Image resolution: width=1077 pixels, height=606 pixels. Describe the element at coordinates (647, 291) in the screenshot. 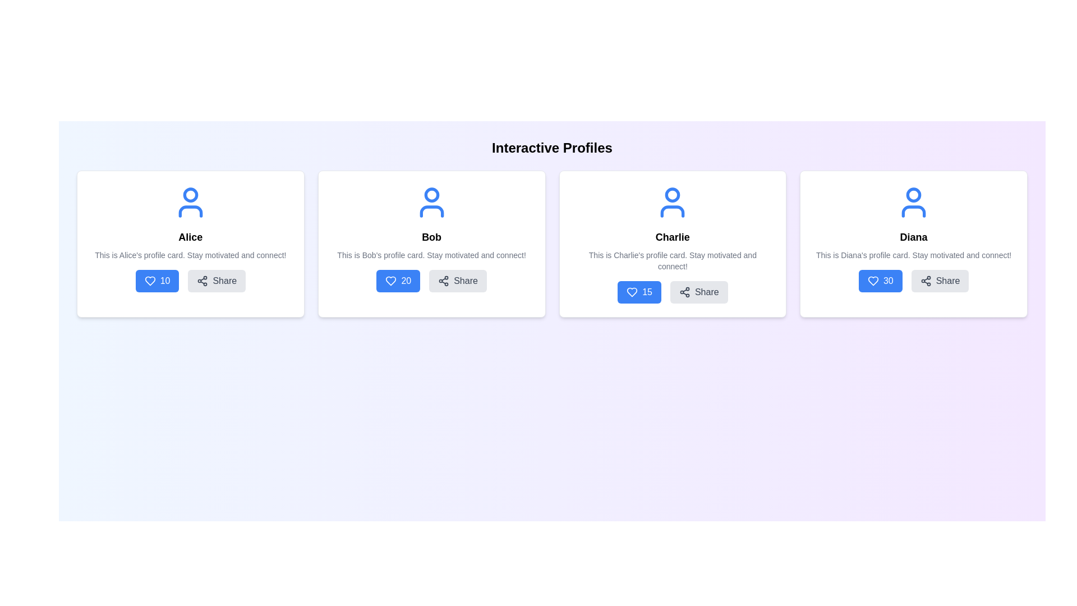

I see `count displayed as '15' in white text over a blue background, located in the interactive button under the 'Charlie' section in the third card from the left, to the right of the heart icon` at that location.